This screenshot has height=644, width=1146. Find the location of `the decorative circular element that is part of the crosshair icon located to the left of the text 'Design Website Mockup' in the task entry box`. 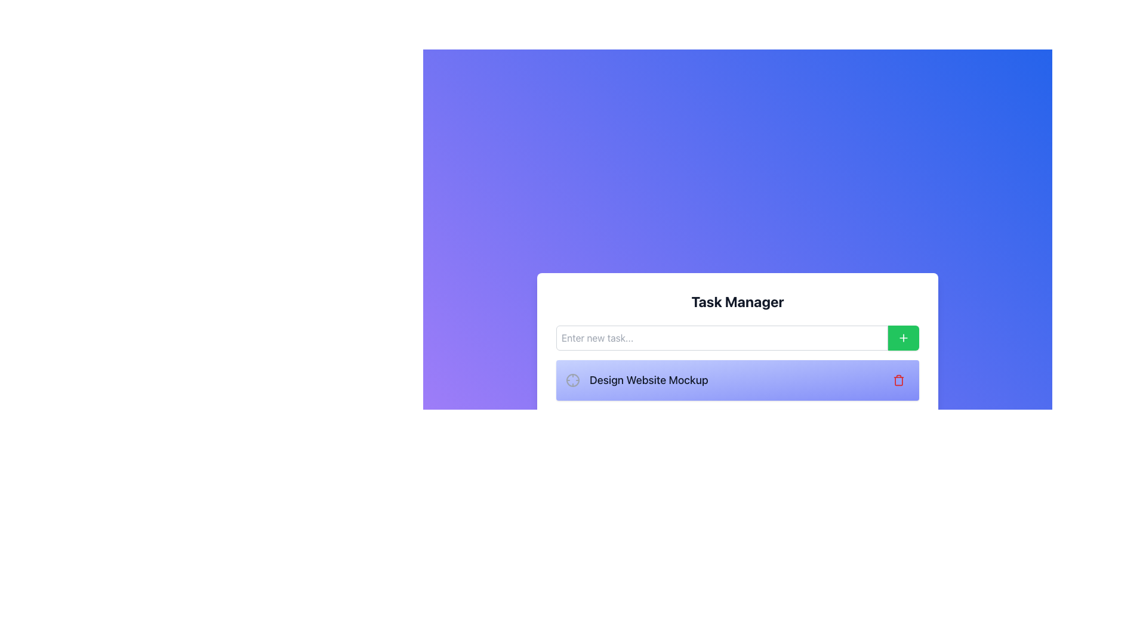

the decorative circular element that is part of the crosshair icon located to the left of the text 'Design Website Mockup' in the task entry box is located at coordinates (573, 380).